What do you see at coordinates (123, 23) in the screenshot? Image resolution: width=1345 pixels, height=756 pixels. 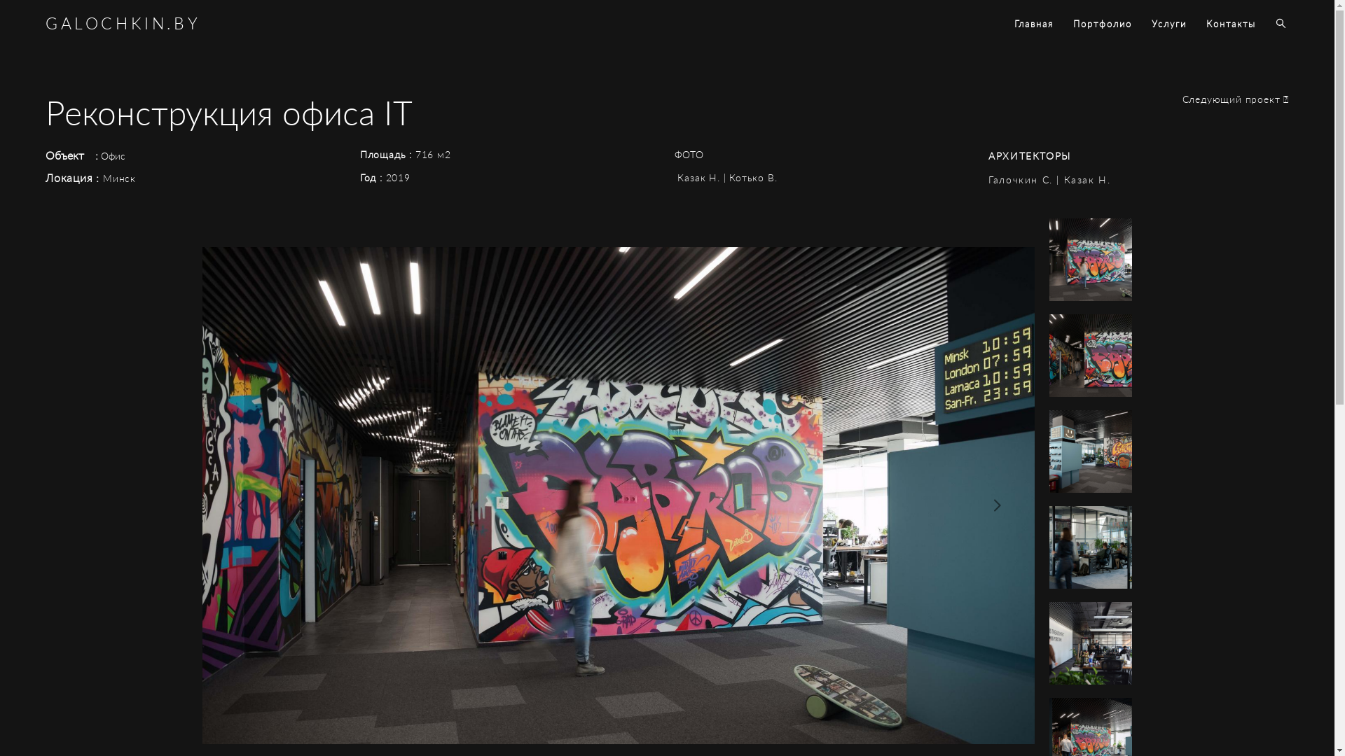 I see `'GALOCHKIN.BY'` at bounding box center [123, 23].